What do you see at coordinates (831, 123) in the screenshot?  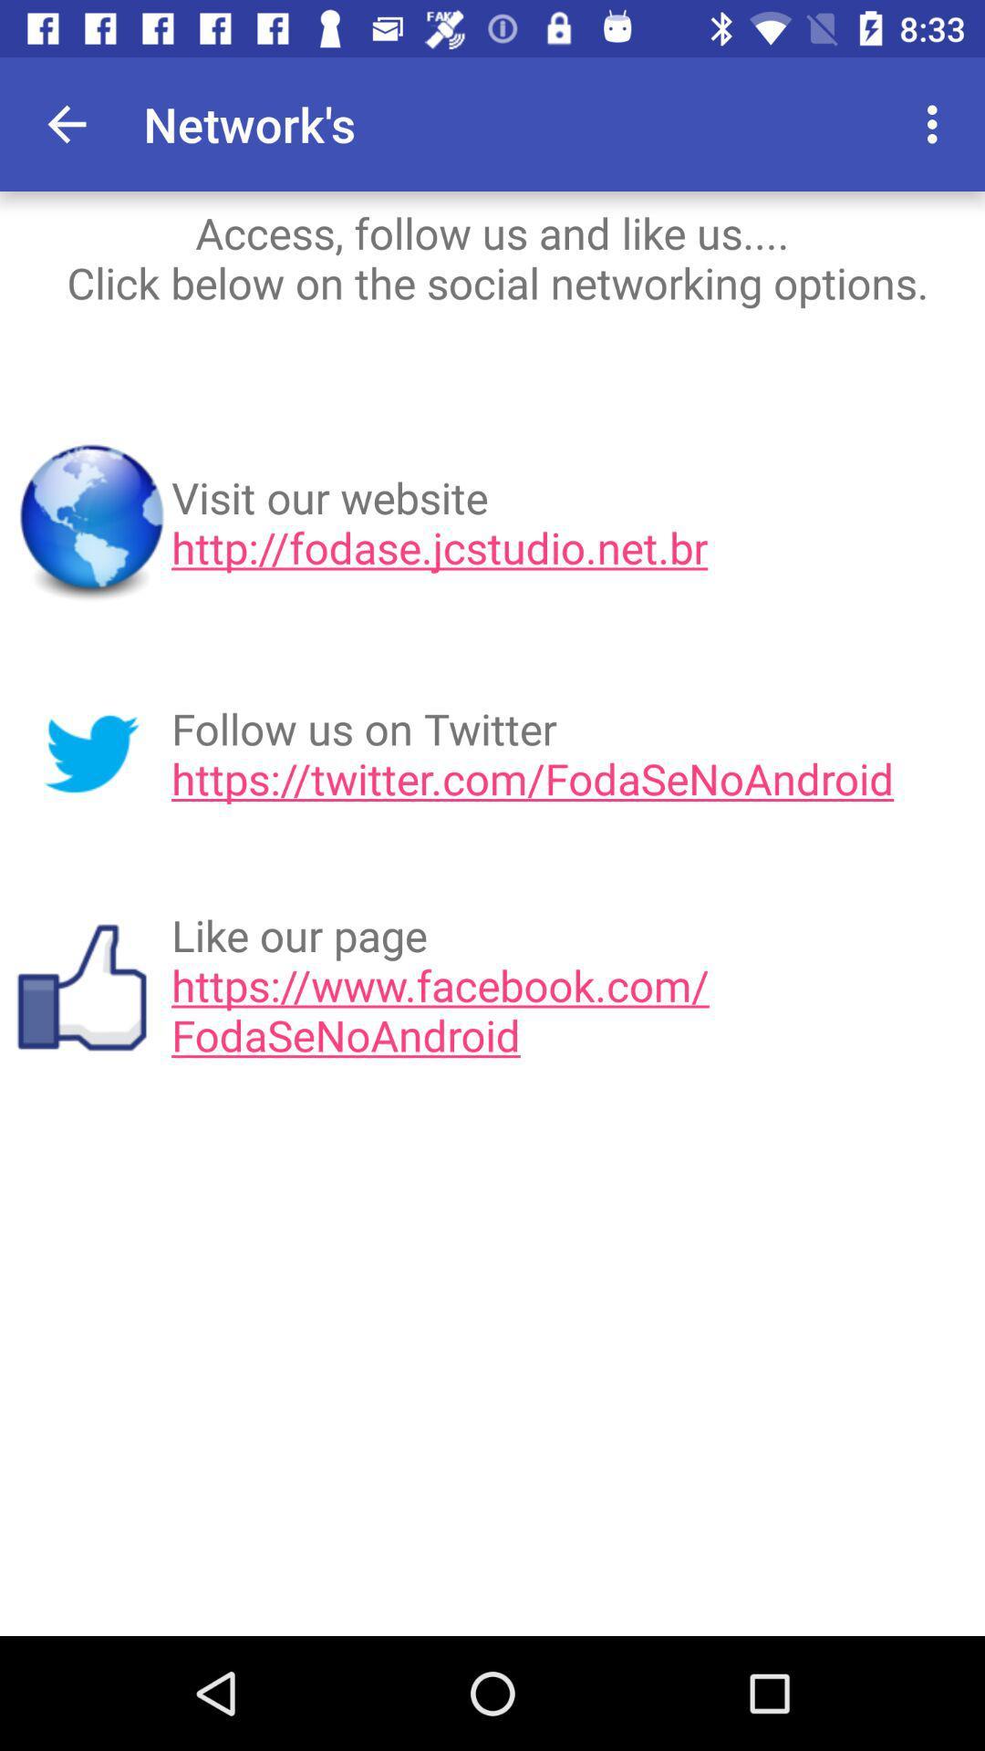 I see `icon above access follow us item` at bounding box center [831, 123].